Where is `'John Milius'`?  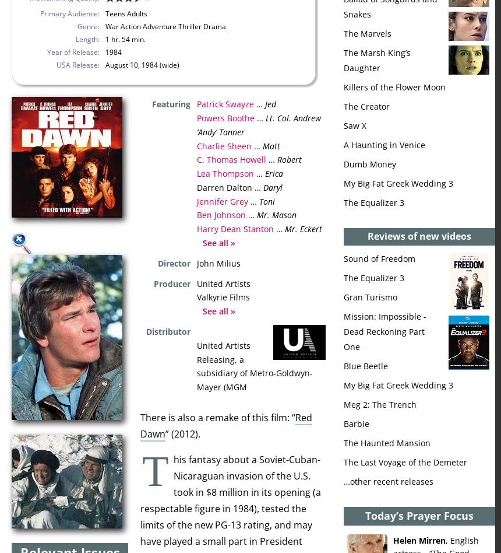
'John Milius' is located at coordinates (218, 262).